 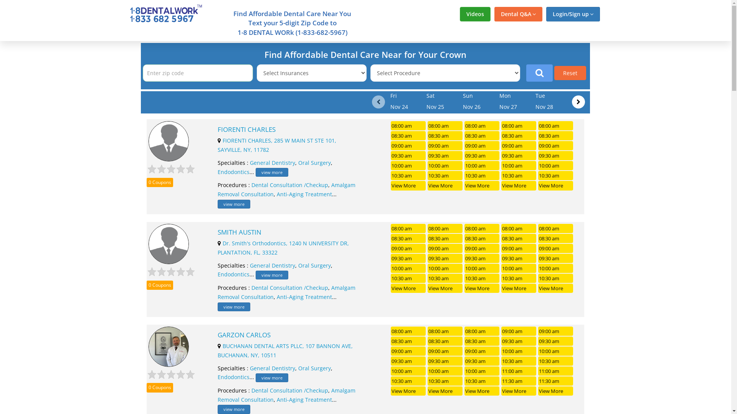 I want to click on 'view more', so click(x=256, y=172).